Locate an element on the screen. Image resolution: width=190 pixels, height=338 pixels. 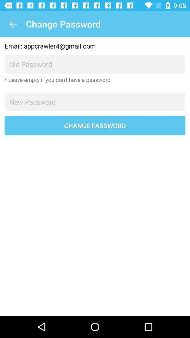
the item above email appcrawler4 gmail item is located at coordinates (13, 24).